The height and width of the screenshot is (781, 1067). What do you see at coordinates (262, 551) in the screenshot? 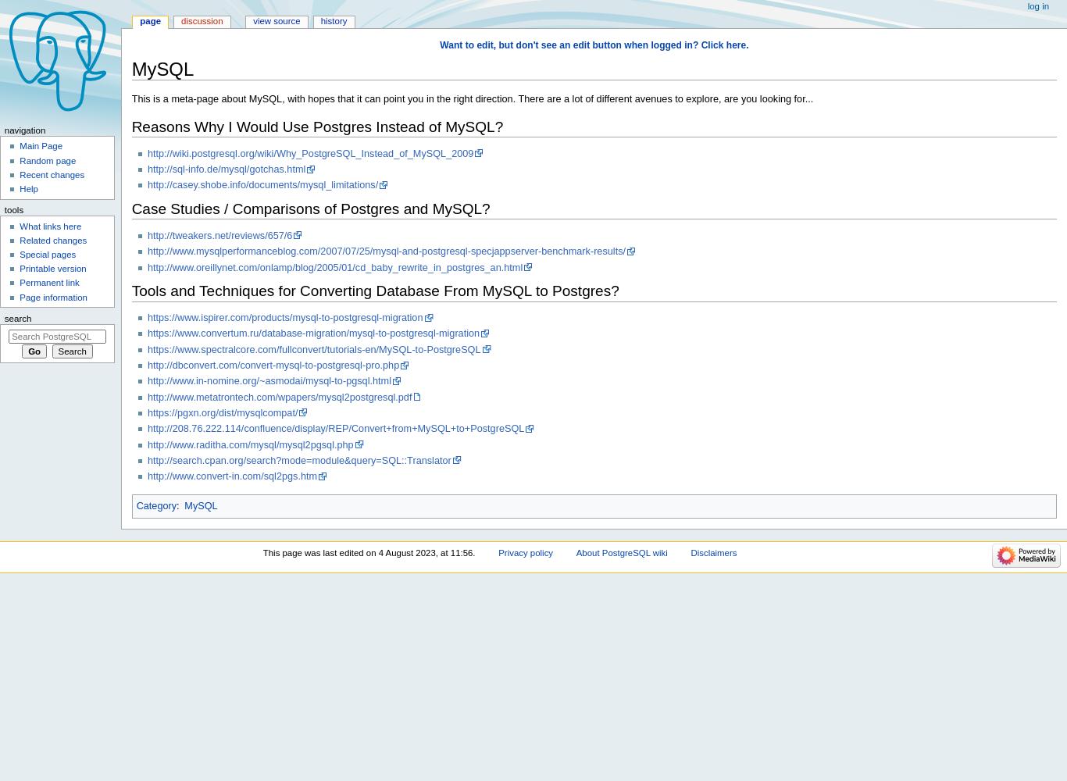
I see `'This page was last edited on 4 August 2023, at 11:56.'` at bounding box center [262, 551].